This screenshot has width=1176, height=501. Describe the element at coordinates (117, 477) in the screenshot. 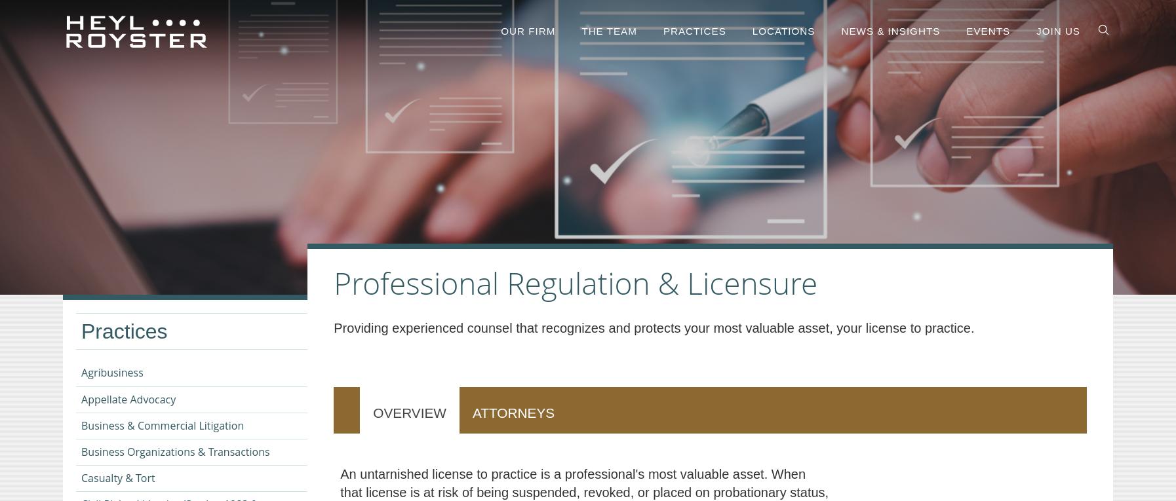

I see `'Casualty & Tort'` at that location.